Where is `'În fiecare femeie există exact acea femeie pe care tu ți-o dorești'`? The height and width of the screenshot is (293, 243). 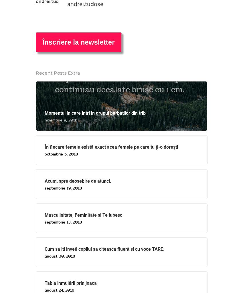 'În fiecare femeie există exact acea femeie pe care tu ți-o dorești' is located at coordinates (110, 146).